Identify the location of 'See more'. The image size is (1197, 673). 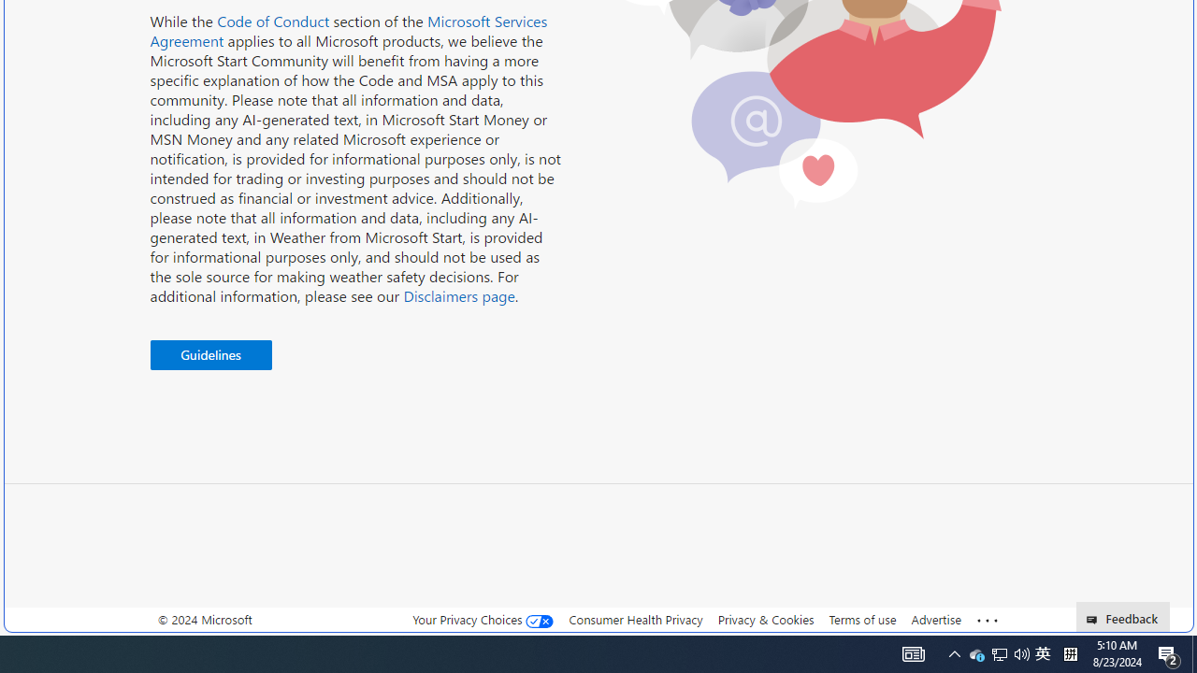
(987, 621).